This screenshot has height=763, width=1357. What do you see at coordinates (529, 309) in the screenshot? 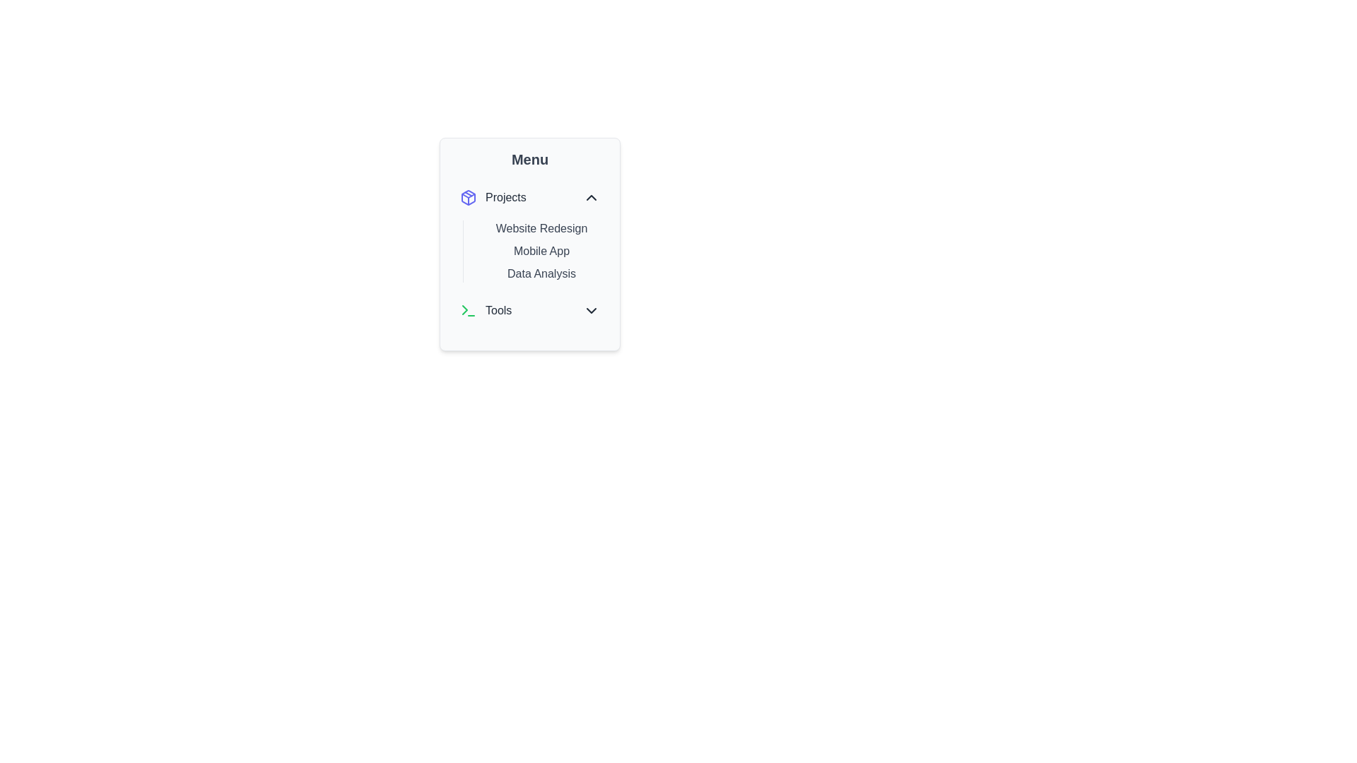
I see `the Dropdown menu located below the list items 'Website Redesign', 'Mobile App', and 'Data Analysis'` at bounding box center [529, 309].